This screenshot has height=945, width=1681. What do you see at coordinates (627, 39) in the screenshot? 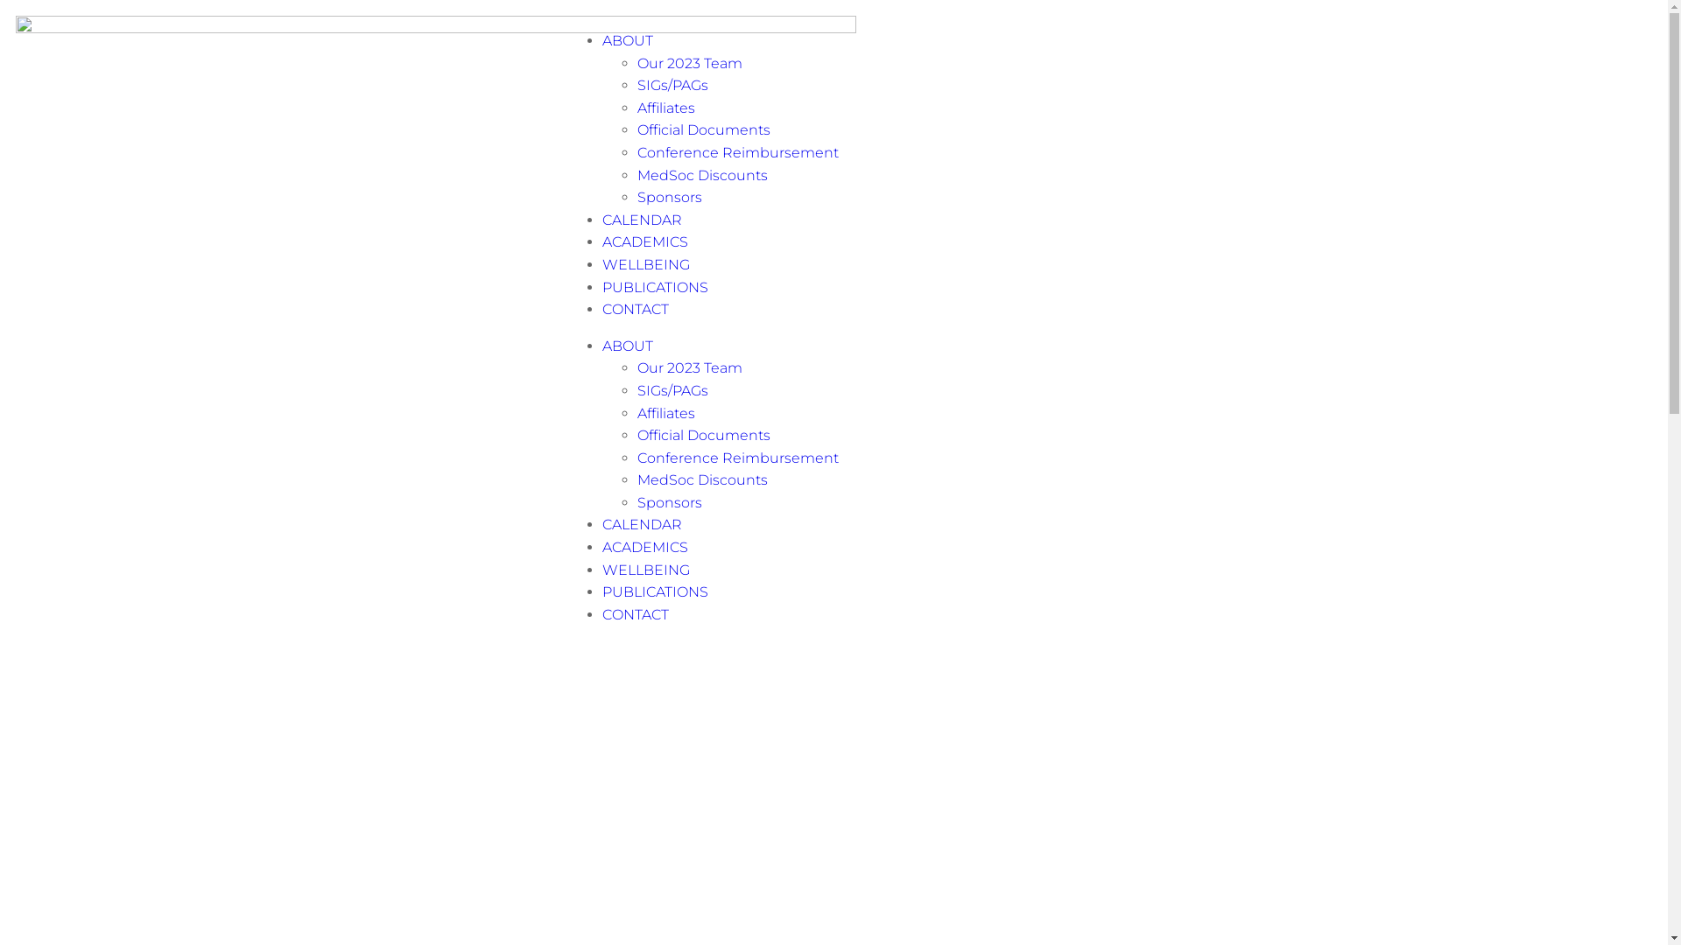
I see `'ABOUT'` at bounding box center [627, 39].